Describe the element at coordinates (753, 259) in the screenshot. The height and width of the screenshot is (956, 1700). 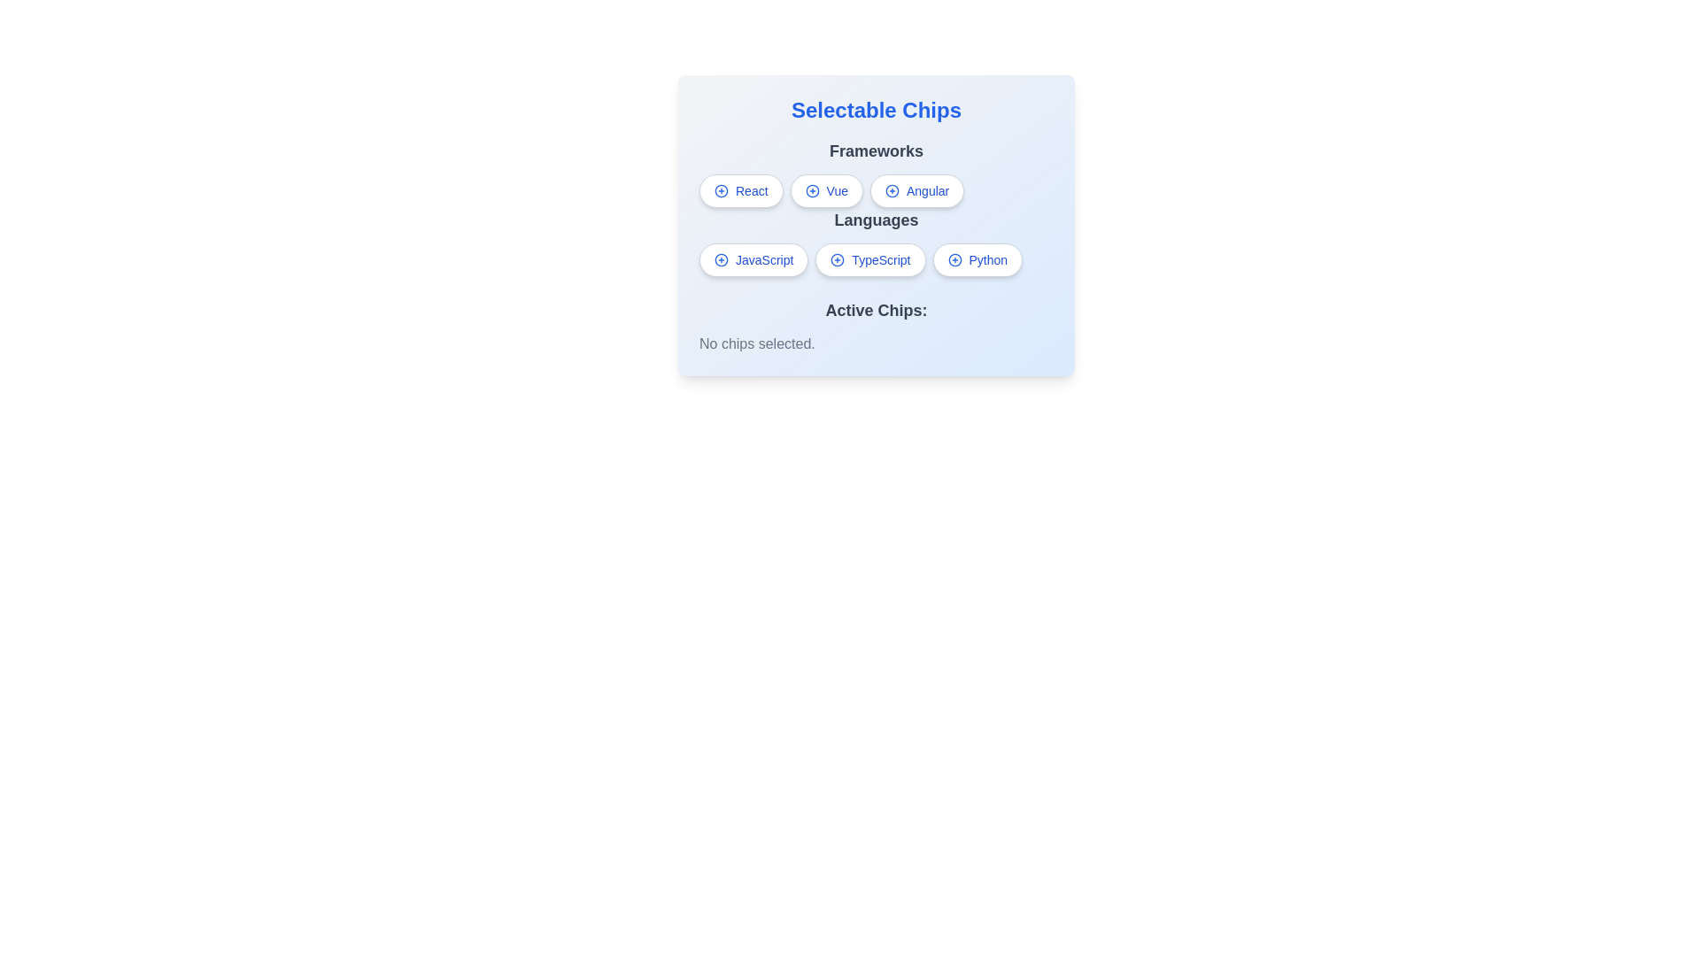
I see `the JavaScript button, which is a horizontal pill-shaped button with white background and blue text, located in the Languages section below the Frameworks section` at that location.